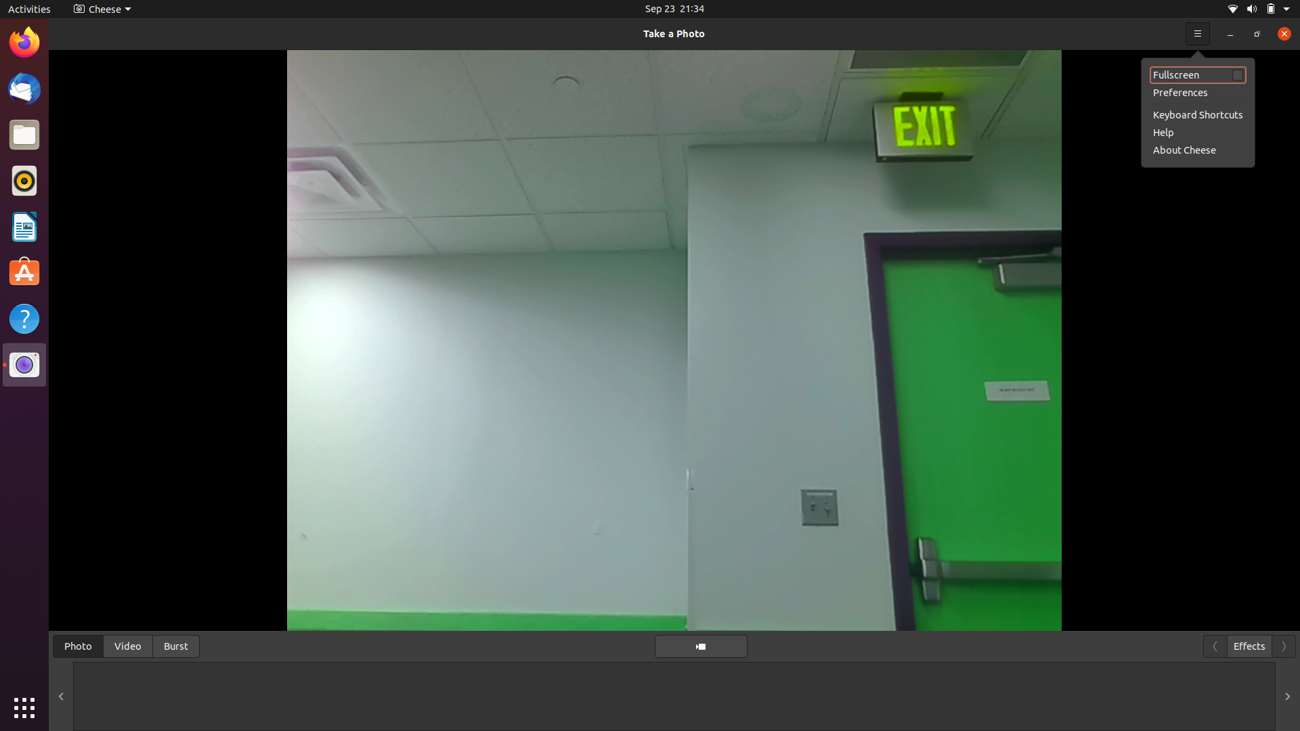 This screenshot has width=1300, height=731. What do you see at coordinates (1197, 92) in the screenshot?
I see `the preferences menu` at bounding box center [1197, 92].